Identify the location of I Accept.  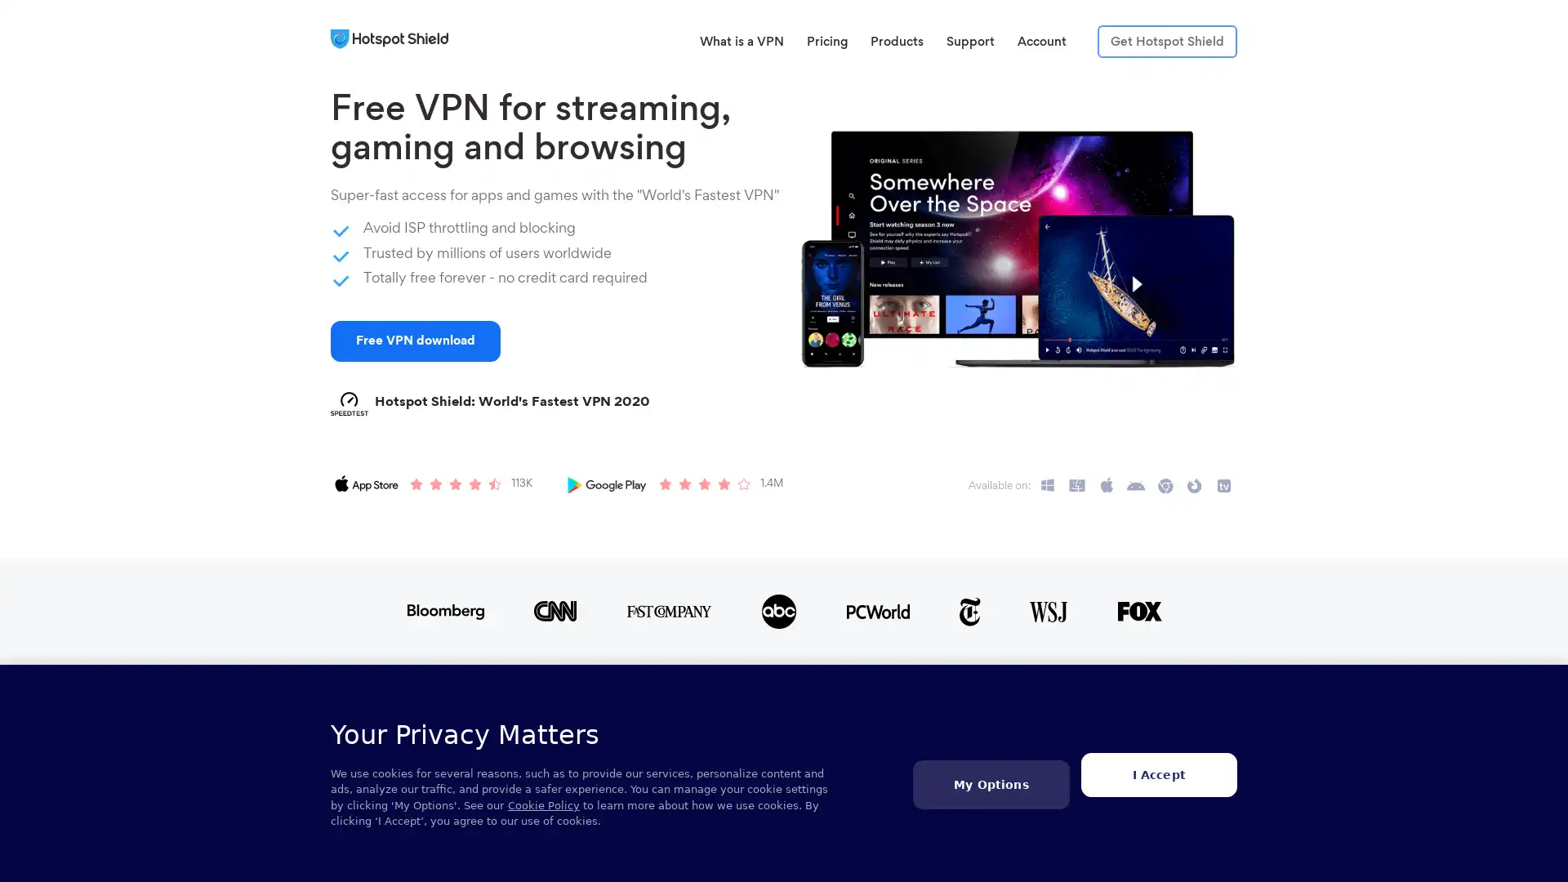
(1157, 773).